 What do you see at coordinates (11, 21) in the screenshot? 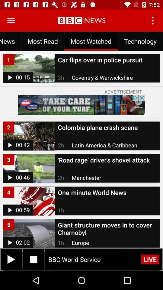
I see `show the website menu` at bounding box center [11, 21].